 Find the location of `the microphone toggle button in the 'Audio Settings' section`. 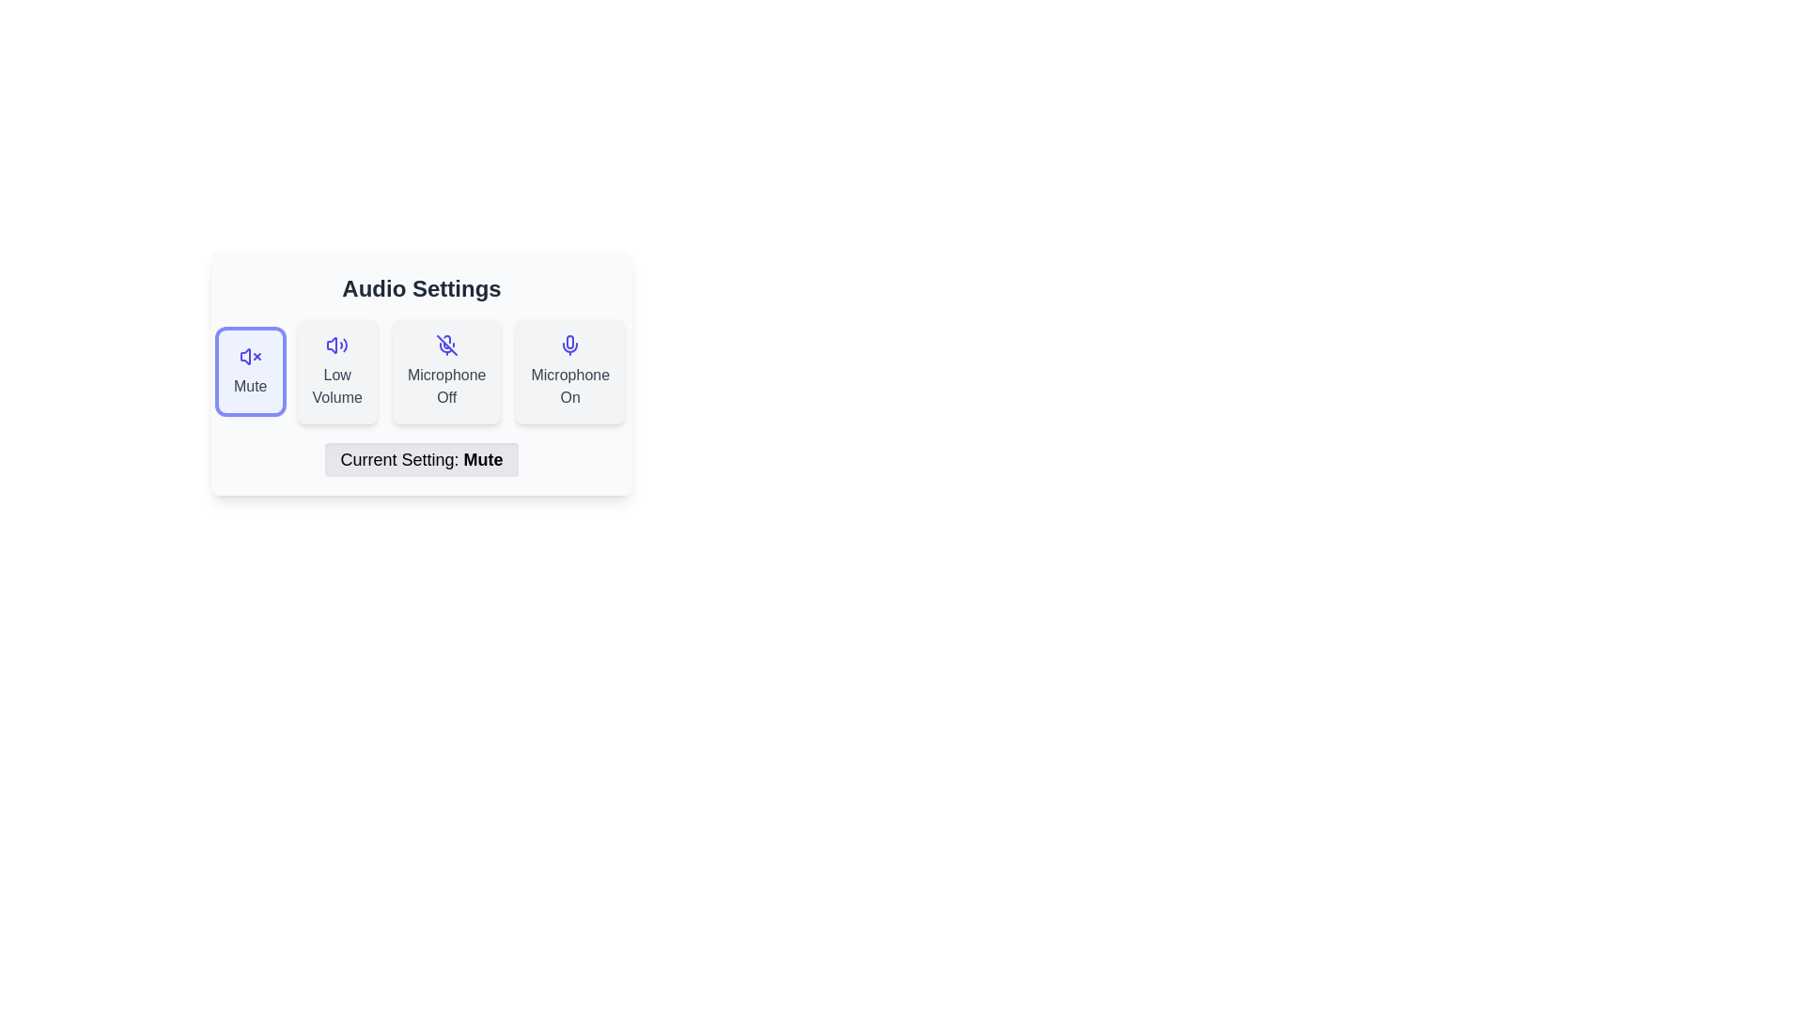

the microphone toggle button in the 'Audio Settings' section is located at coordinates (569, 372).